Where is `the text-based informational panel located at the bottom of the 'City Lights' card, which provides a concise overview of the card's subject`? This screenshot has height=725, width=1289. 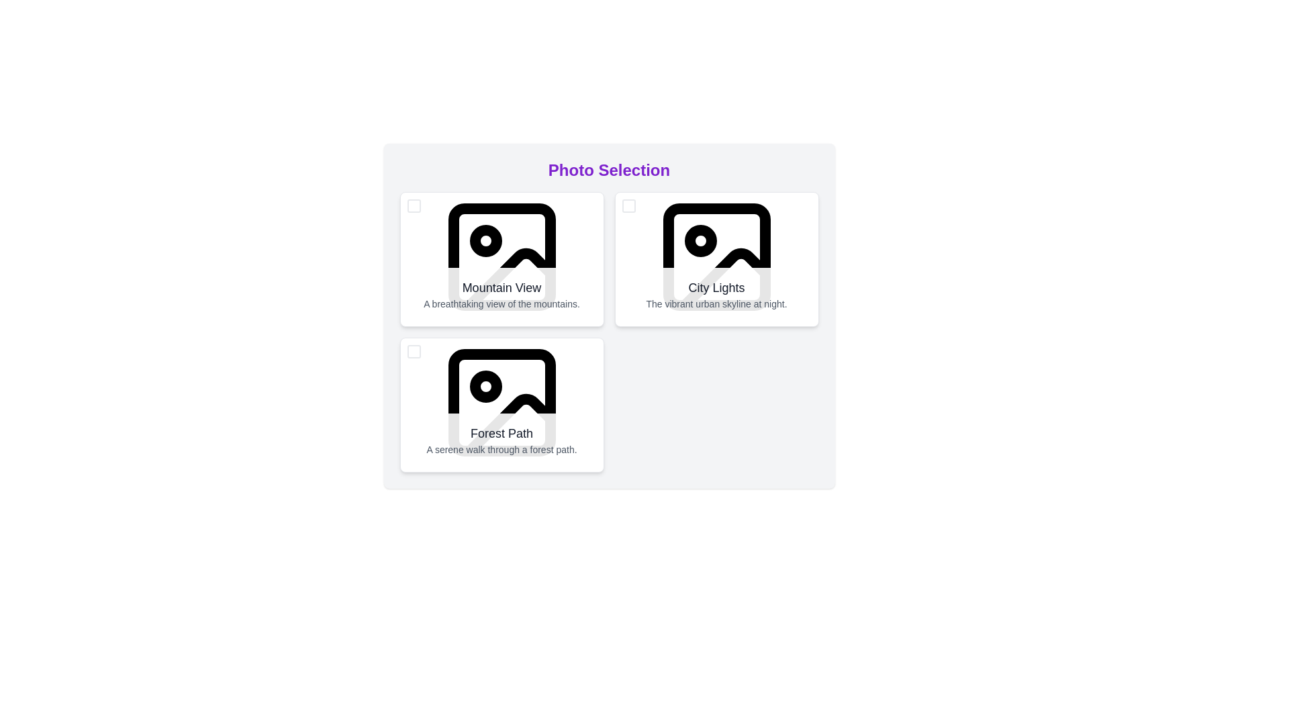
the text-based informational panel located at the bottom of the 'City Lights' card, which provides a concise overview of the card's subject is located at coordinates (716, 294).